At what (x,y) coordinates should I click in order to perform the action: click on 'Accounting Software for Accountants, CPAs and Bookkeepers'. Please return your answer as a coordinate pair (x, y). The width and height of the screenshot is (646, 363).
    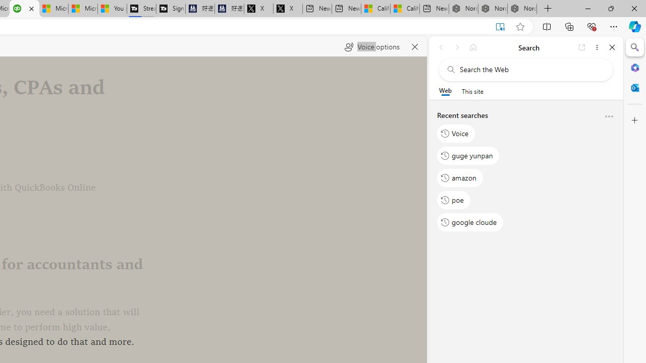
    Looking at the image, I should click on (24, 9).